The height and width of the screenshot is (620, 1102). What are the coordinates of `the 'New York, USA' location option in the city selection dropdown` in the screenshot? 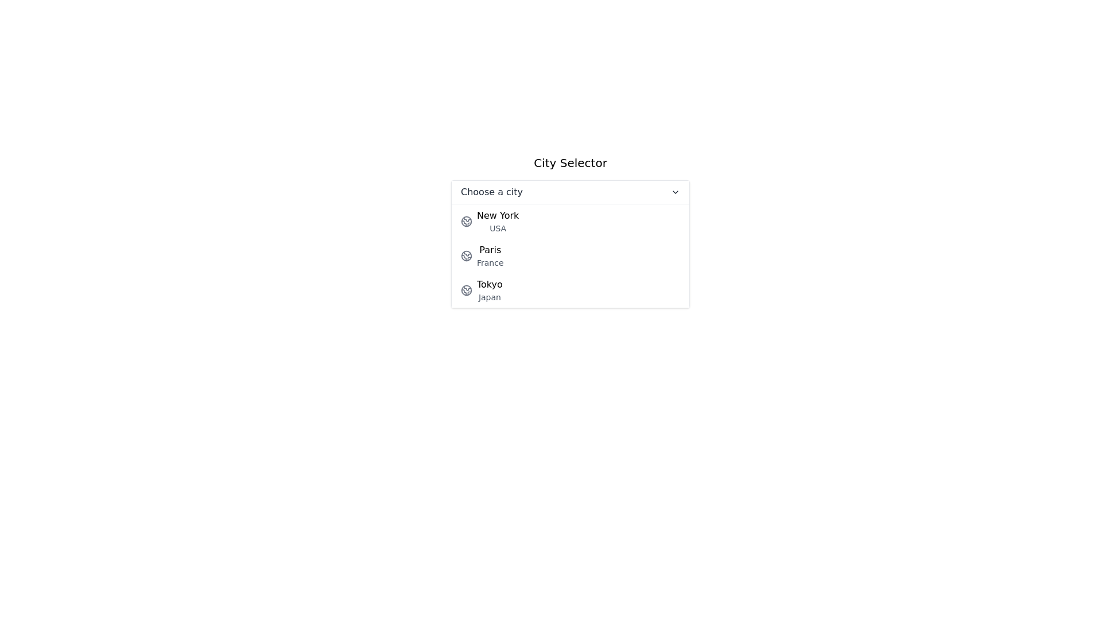 It's located at (570, 221).